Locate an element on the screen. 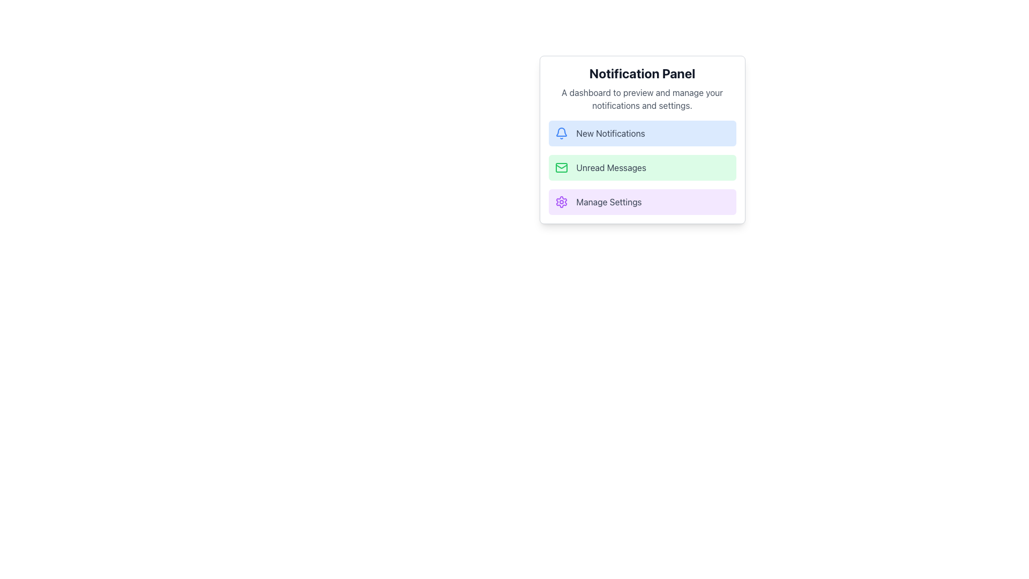 This screenshot has width=1029, height=579. the 'New Notifications' button, which has a light blue background and a bell icon to the left of the label is located at coordinates (642, 133).